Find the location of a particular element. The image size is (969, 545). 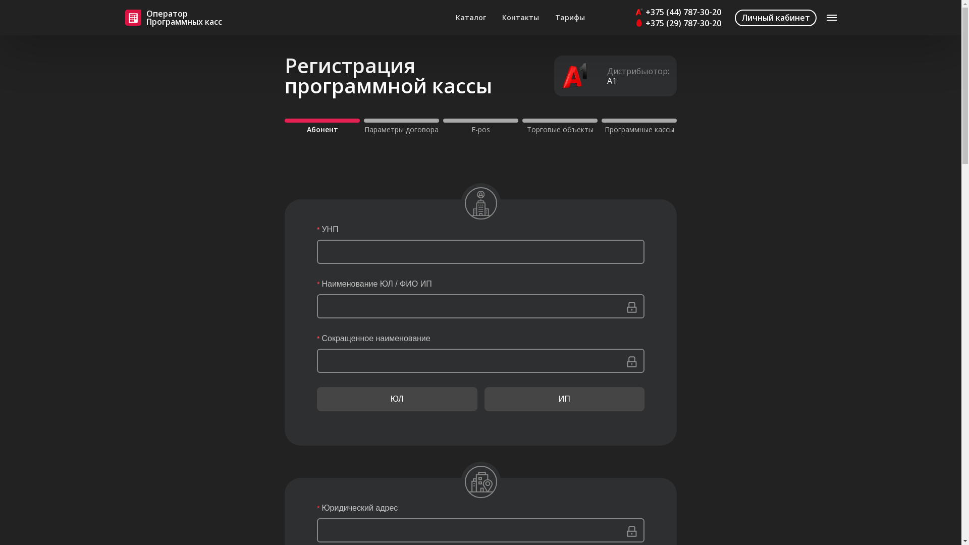

'+375 (44) 787-30-20' is located at coordinates (678, 12).